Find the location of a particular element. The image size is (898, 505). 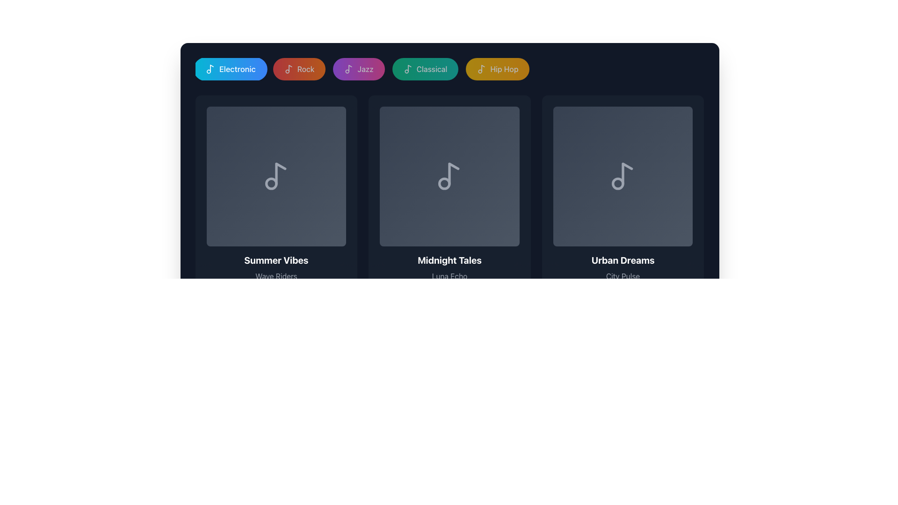

the musical note icon with a circular base and a straight upward stem, styled in gray, located in the third card of the last row in a grid of musical note icons is located at coordinates (623, 176).